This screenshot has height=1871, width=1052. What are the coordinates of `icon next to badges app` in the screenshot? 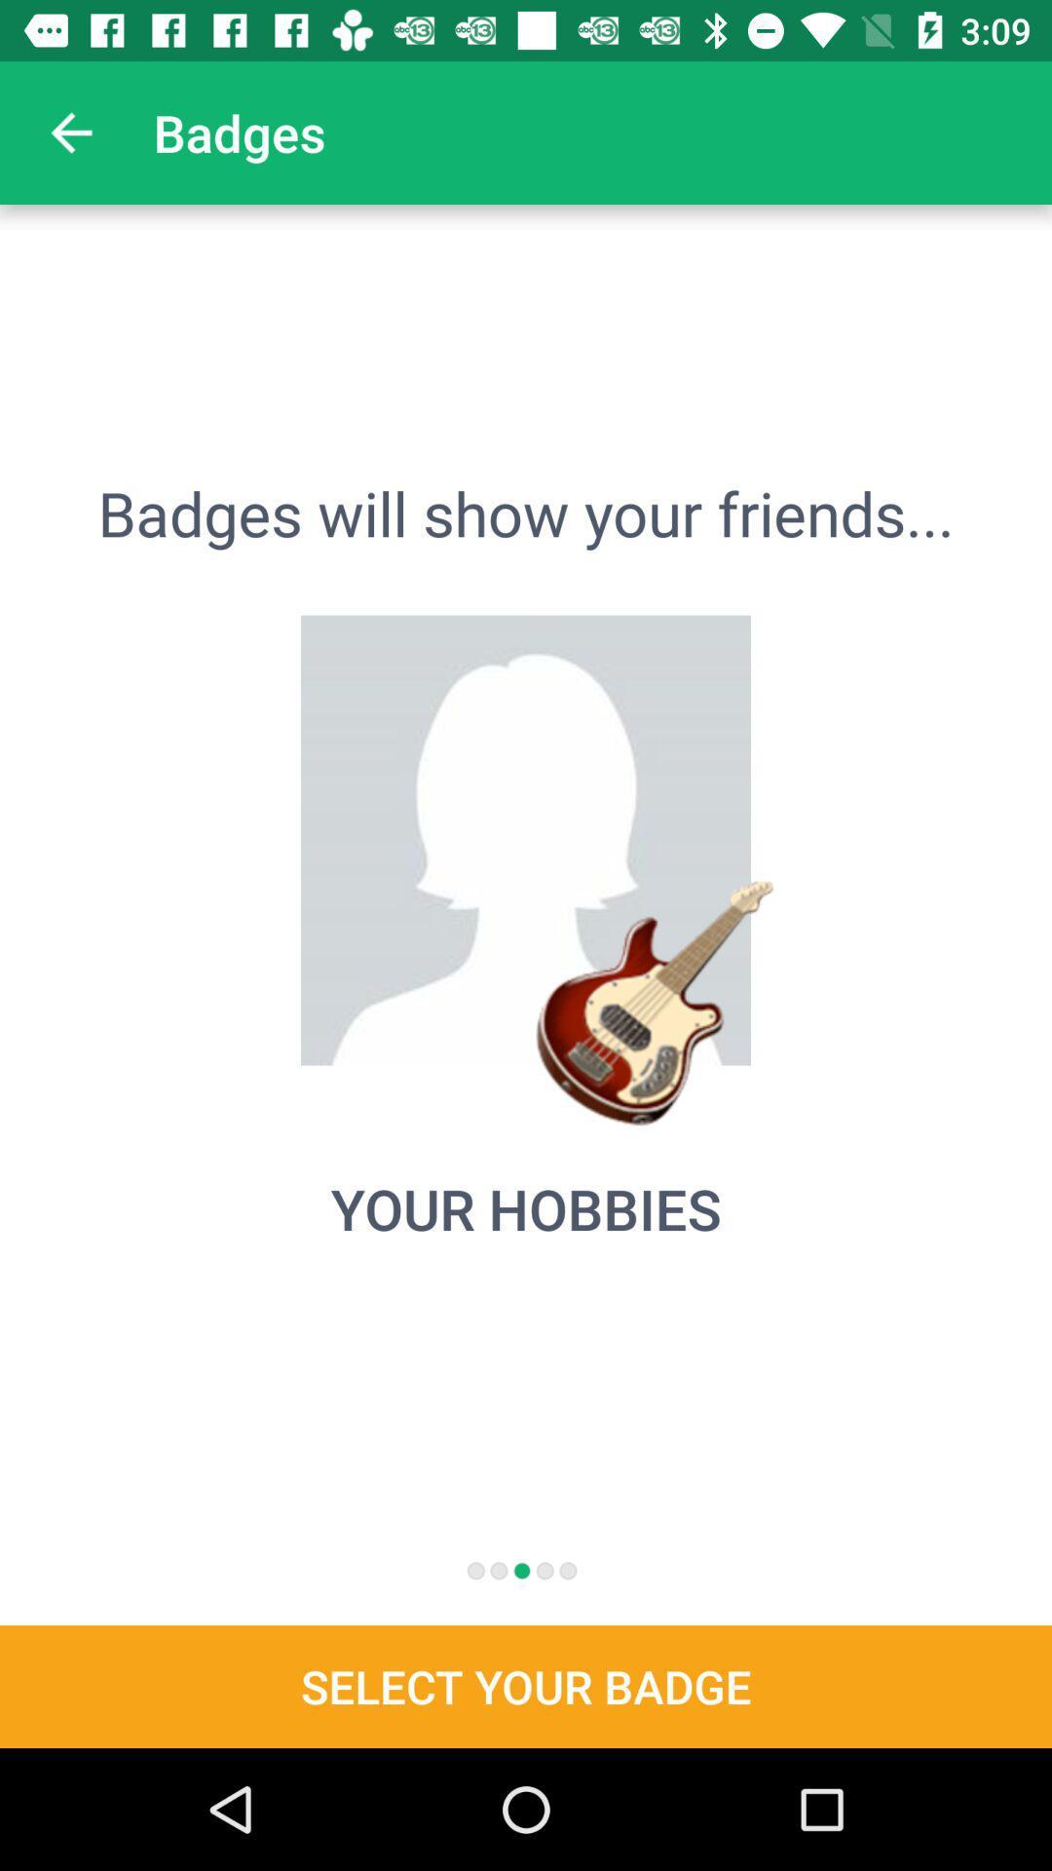 It's located at (70, 132).